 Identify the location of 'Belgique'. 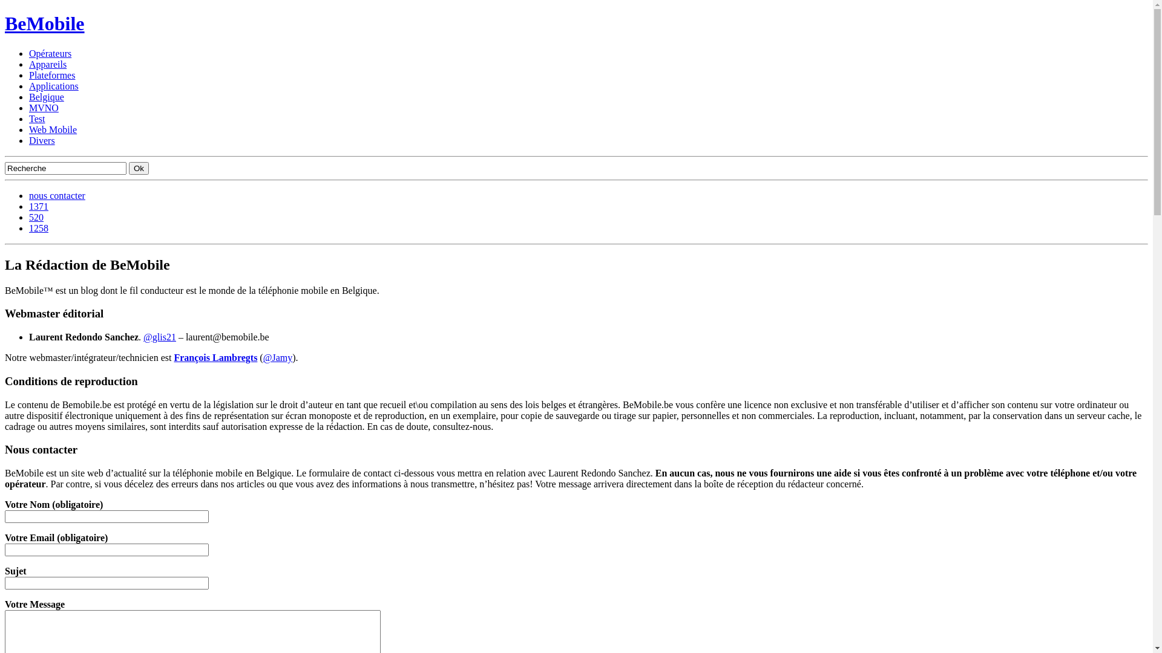
(46, 96).